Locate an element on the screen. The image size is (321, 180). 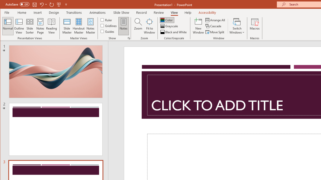
'Switch Windows' is located at coordinates (237, 26).